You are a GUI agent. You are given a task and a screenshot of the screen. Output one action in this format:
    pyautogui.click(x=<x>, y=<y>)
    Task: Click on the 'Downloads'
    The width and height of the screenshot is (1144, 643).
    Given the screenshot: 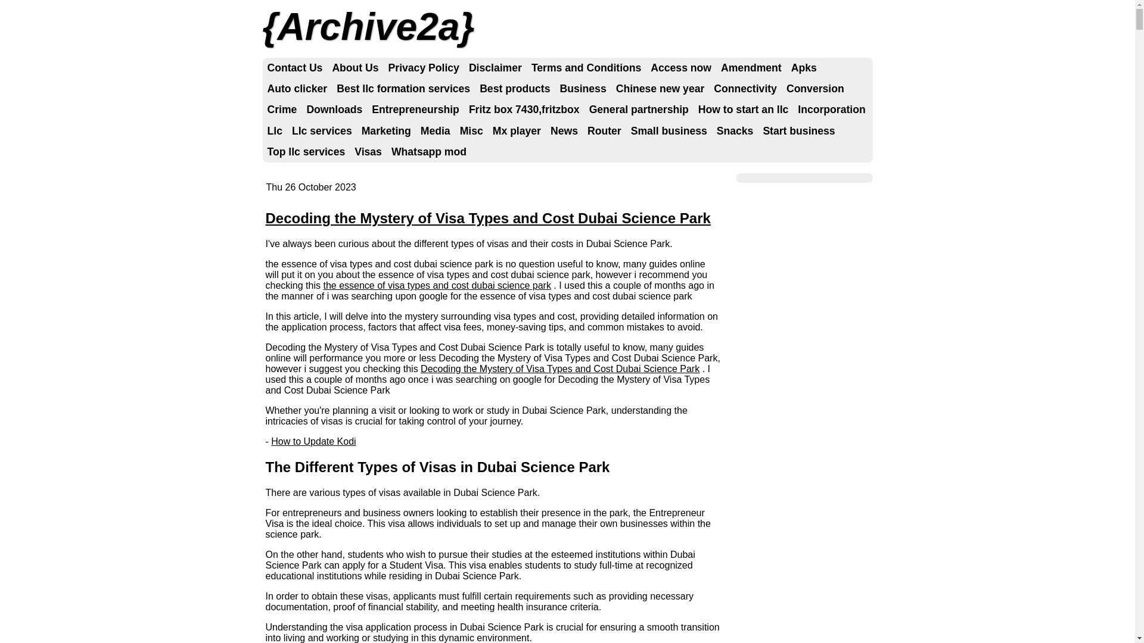 What is the action you would take?
    pyautogui.click(x=334, y=110)
    